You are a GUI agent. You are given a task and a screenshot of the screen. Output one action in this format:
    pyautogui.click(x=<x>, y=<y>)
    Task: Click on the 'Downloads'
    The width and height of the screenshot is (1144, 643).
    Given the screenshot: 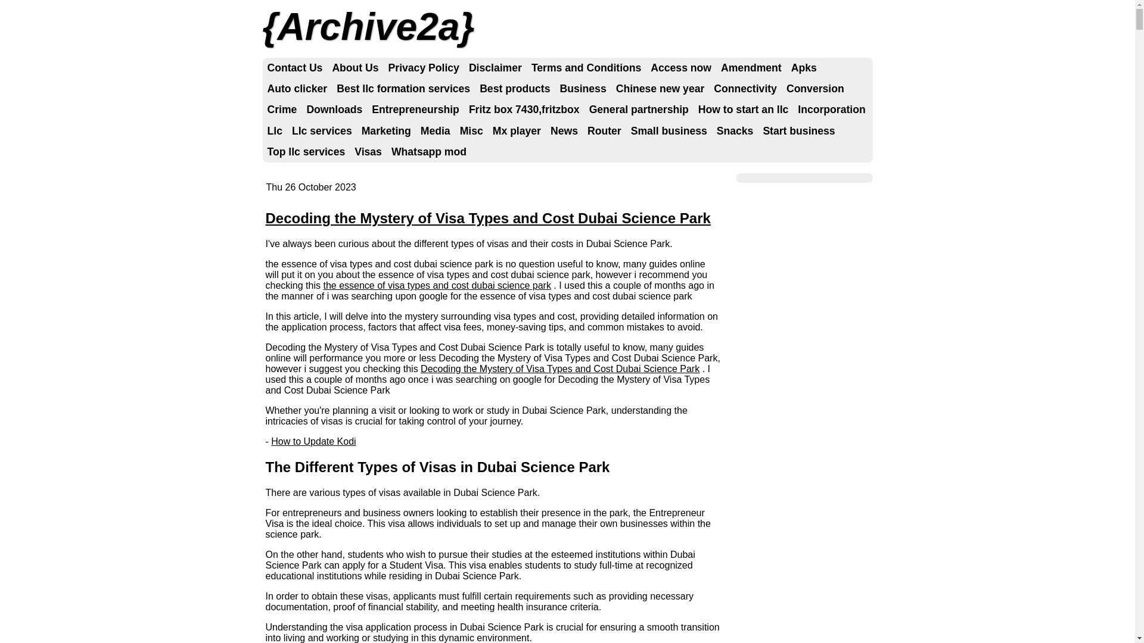 What is the action you would take?
    pyautogui.click(x=334, y=110)
    